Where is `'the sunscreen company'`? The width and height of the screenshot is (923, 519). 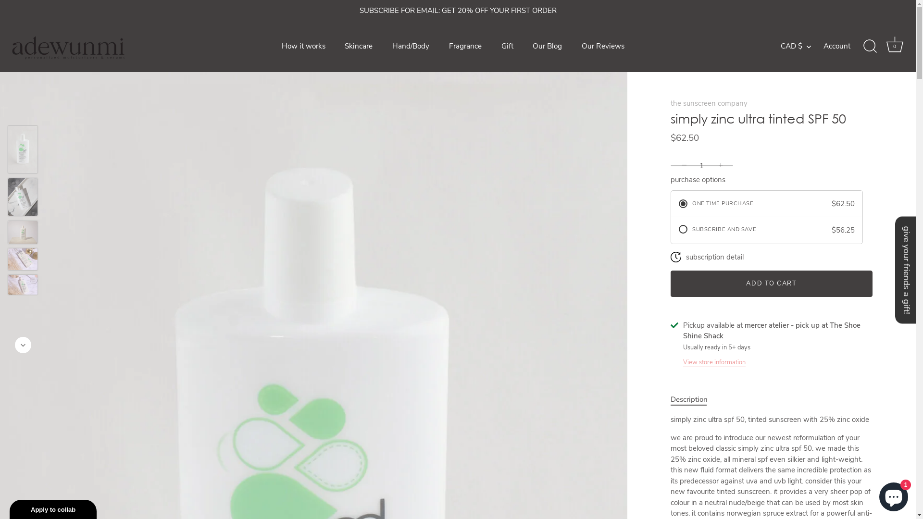
'the sunscreen company' is located at coordinates (670, 102).